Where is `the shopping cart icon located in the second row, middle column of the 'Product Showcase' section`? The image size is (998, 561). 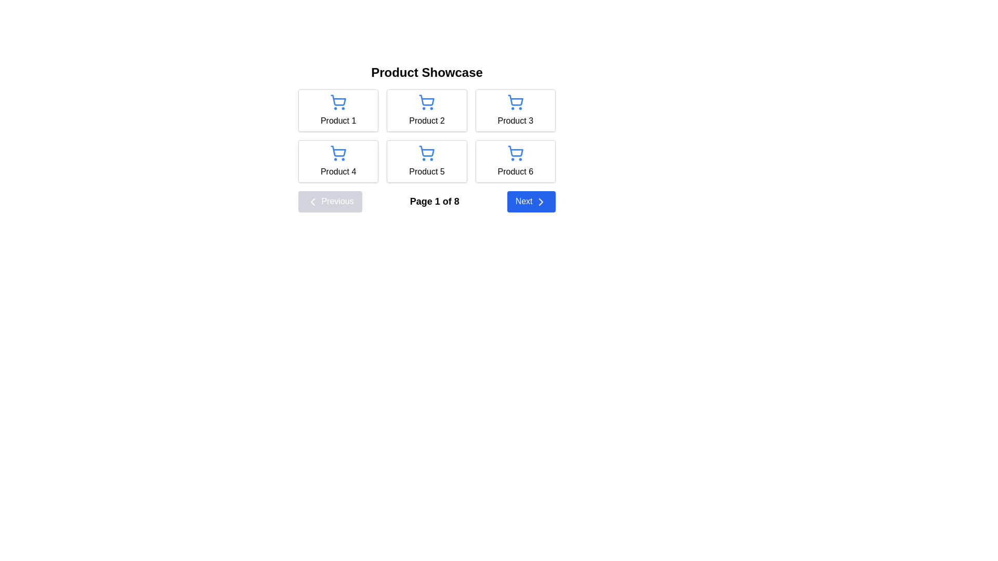 the shopping cart icon located in the second row, middle column of the 'Product Showcase' section is located at coordinates (427, 151).